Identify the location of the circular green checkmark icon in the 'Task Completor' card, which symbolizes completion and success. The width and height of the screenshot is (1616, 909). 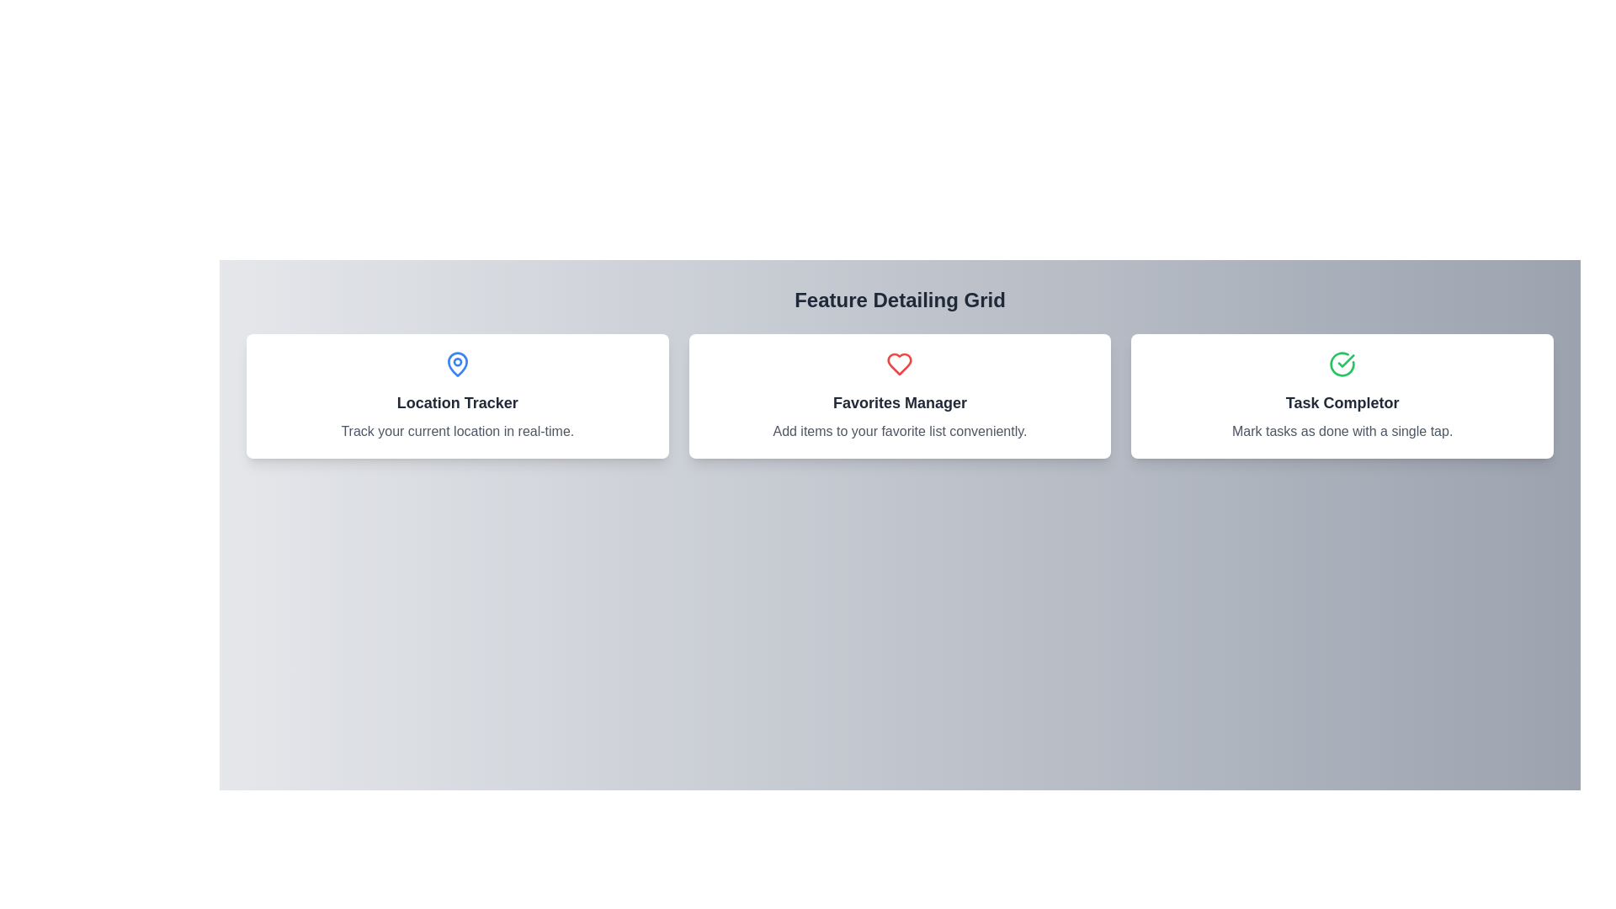
(1342, 363).